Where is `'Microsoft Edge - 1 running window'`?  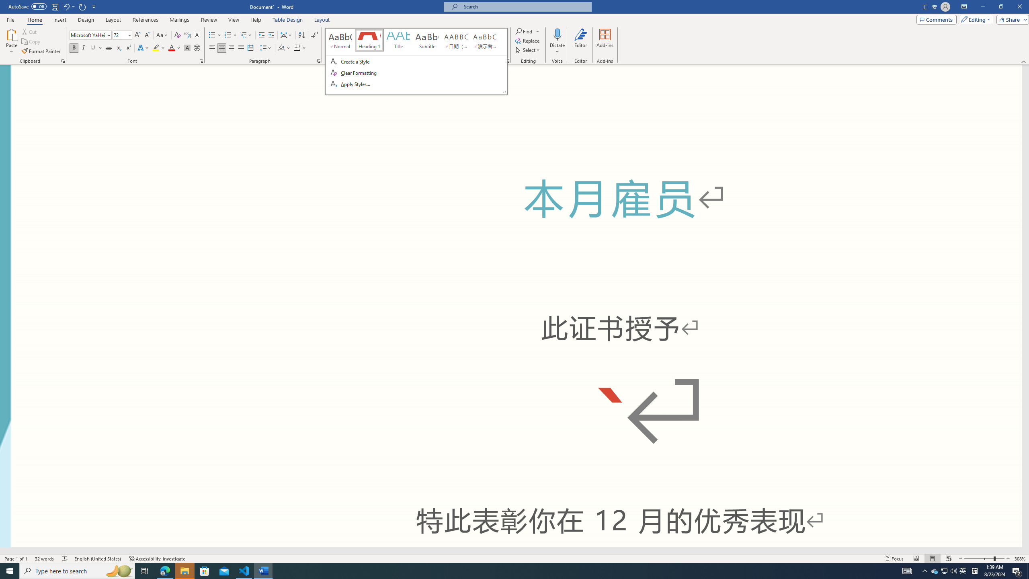
'Microsoft Edge - 1 running window' is located at coordinates (164, 570).